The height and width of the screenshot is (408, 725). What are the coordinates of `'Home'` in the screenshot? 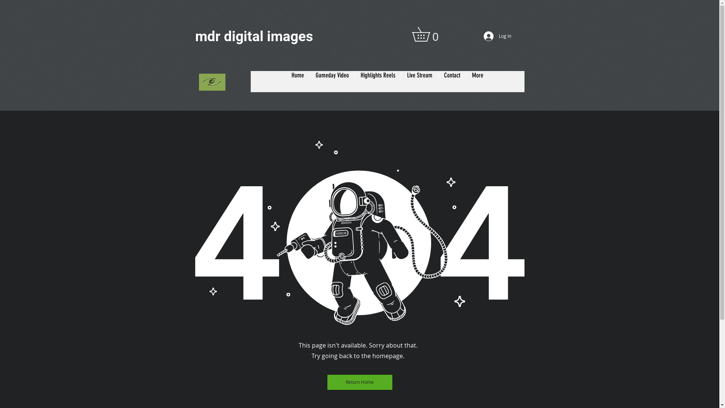 It's located at (297, 82).